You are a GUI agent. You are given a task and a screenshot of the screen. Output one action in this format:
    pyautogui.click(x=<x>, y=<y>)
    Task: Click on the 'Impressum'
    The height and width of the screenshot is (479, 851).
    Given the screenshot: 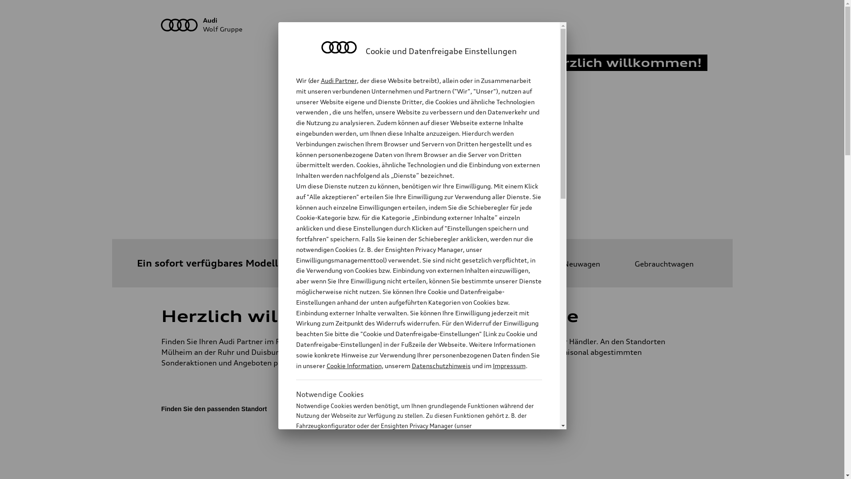 What is the action you would take?
    pyautogui.click(x=509, y=365)
    